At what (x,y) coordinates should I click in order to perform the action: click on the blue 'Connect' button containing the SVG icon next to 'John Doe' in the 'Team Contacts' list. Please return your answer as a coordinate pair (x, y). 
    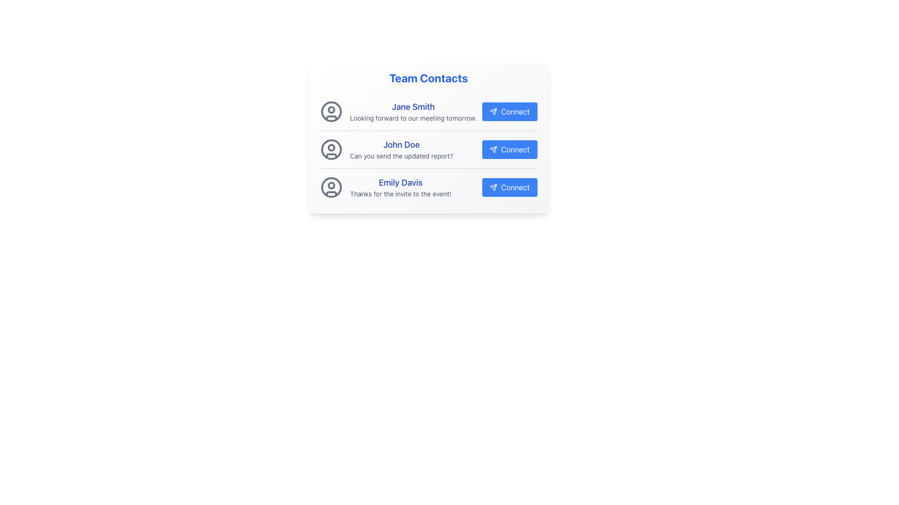
    Looking at the image, I should click on (493, 149).